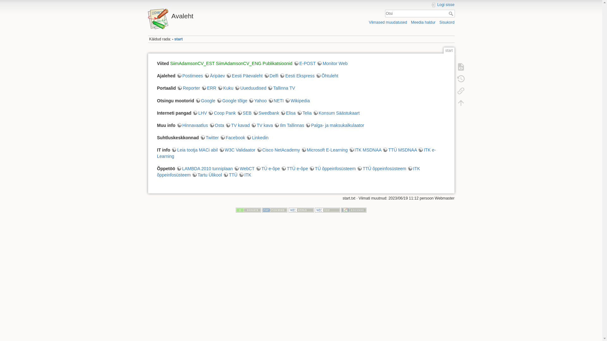 This screenshot has height=341, width=607. Describe the element at coordinates (288, 113) in the screenshot. I see `'Elisa'` at that location.